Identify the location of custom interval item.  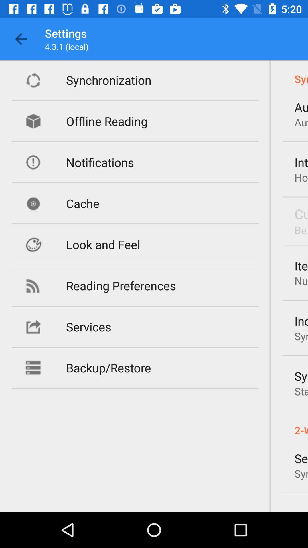
(301, 213).